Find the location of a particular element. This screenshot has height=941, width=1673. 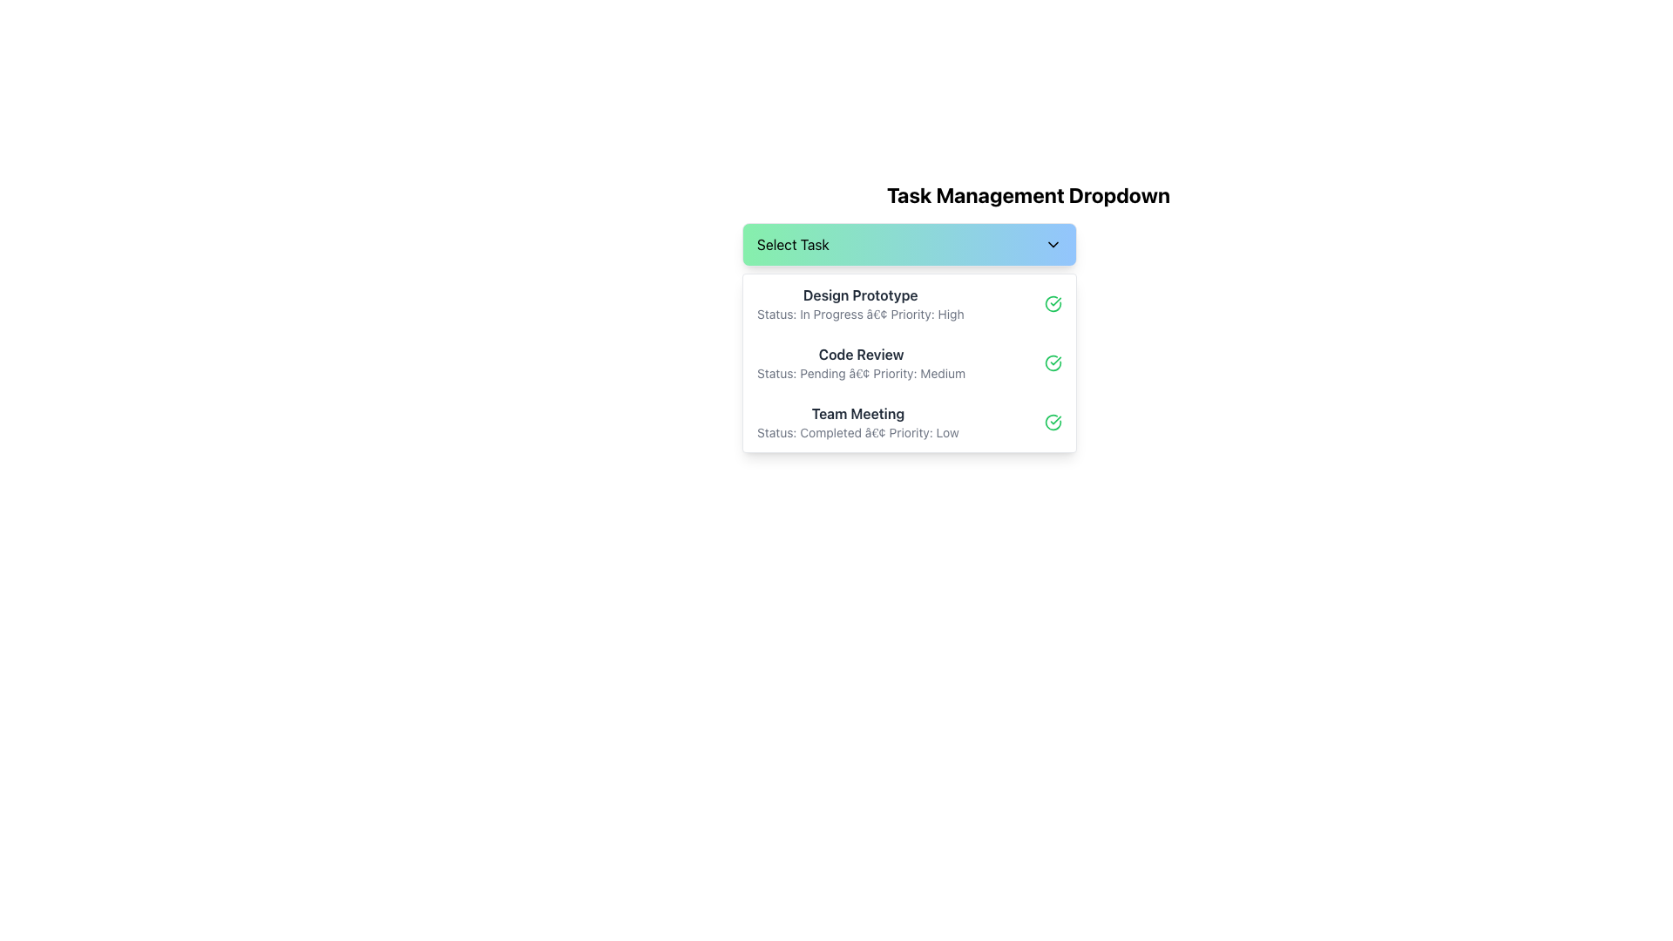

the first list item in the dropdown menu under the 'Select Task' section is located at coordinates (908, 302).